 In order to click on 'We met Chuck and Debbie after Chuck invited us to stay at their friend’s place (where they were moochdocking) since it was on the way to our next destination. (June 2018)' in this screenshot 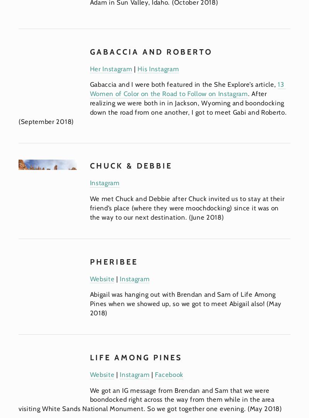, I will do `click(188, 208)`.